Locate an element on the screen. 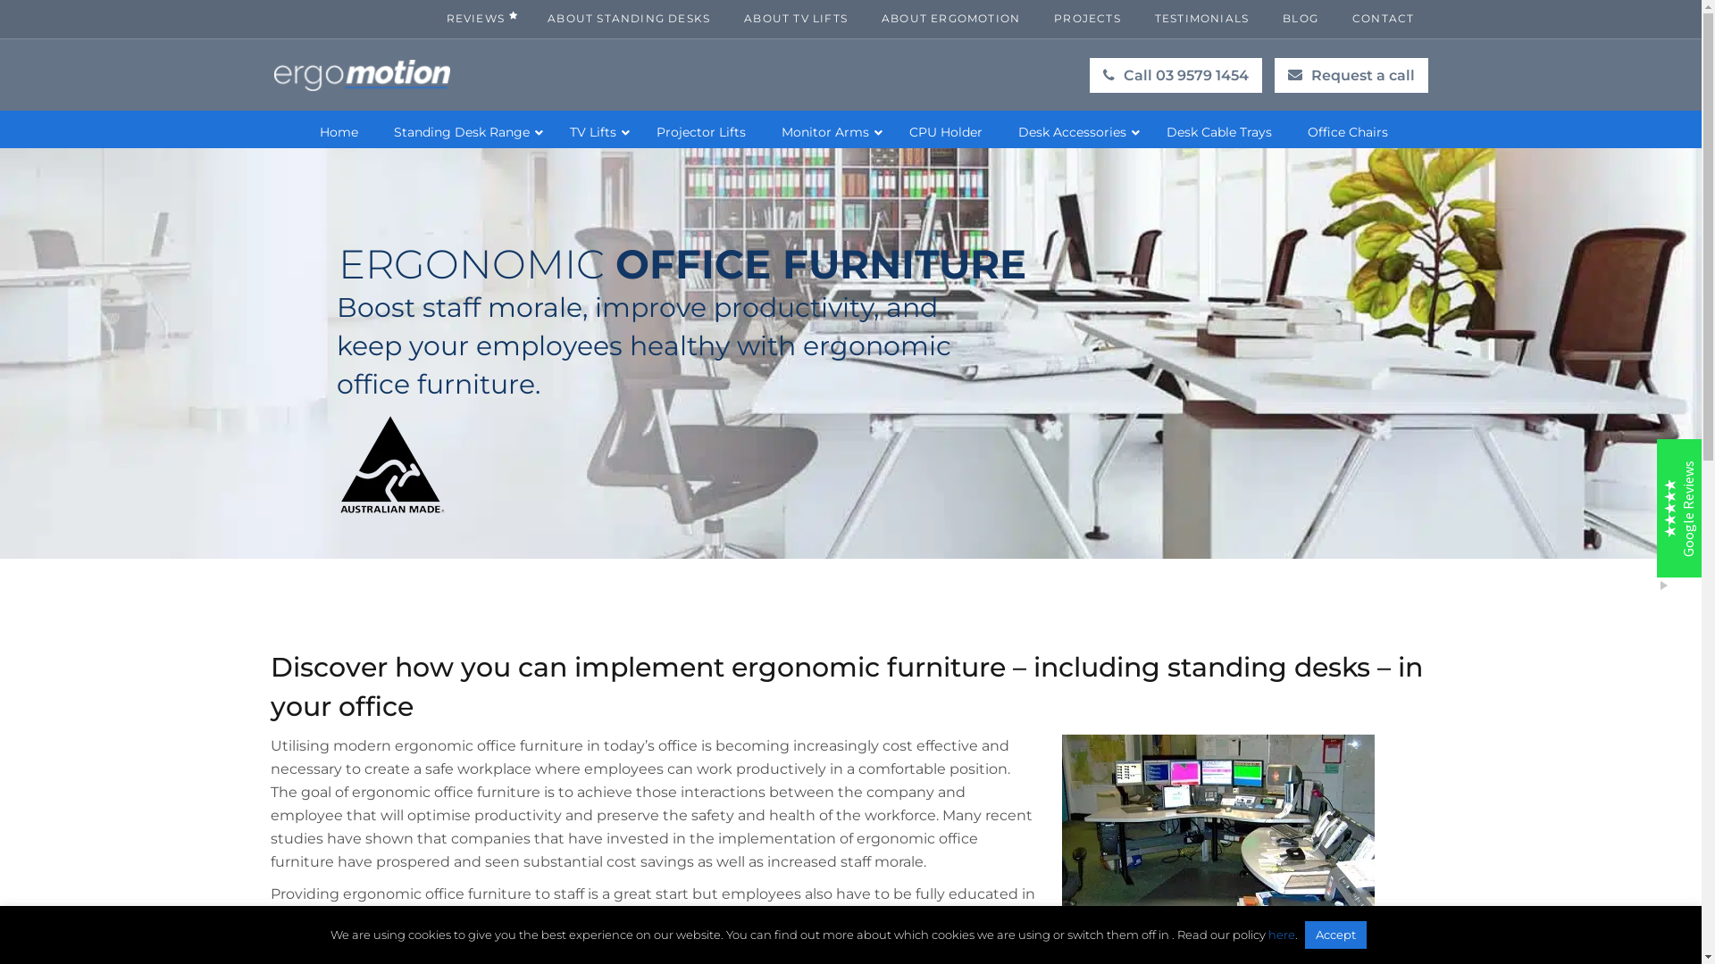 Image resolution: width=1715 pixels, height=964 pixels. 'Request a call' is located at coordinates (1351, 74).